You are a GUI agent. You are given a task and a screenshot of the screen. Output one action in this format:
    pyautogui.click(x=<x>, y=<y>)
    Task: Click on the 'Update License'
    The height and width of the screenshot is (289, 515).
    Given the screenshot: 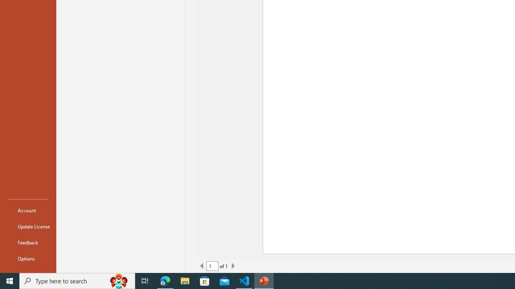 What is the action you would take?
    pyautogui.click(x=28, y=226)
    